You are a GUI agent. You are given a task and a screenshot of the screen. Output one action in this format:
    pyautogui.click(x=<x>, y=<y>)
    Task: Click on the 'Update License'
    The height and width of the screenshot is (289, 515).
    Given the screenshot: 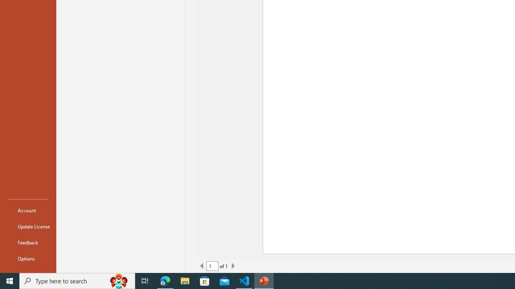 What is the action you would take?
    pyautogui.click(x=28, y=226)
    